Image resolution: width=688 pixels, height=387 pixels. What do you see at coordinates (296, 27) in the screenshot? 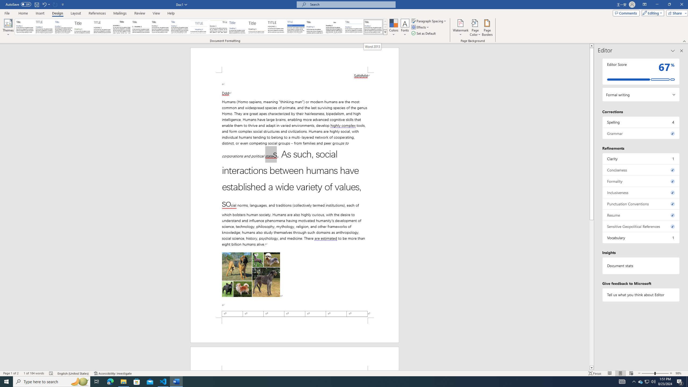
I see `'Shaded'` at bounding box center [296, 27].